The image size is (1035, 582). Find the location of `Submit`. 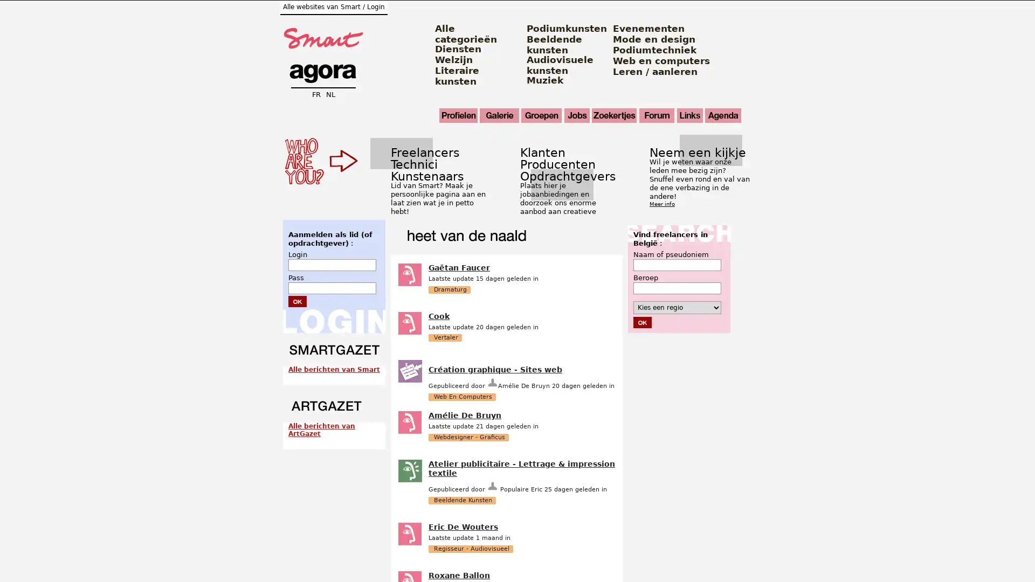

Submit is located at coordinates (298, 301).